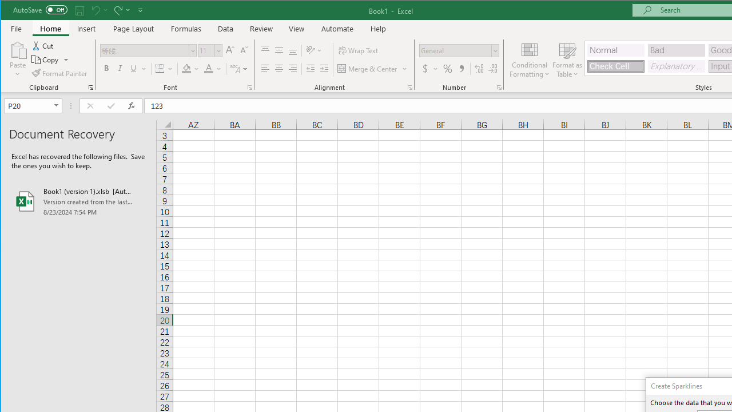 This screenshot has height=412, width=732. I want to click on 'Fill Color RGB(255, 255, 0)', so click(186, 69).